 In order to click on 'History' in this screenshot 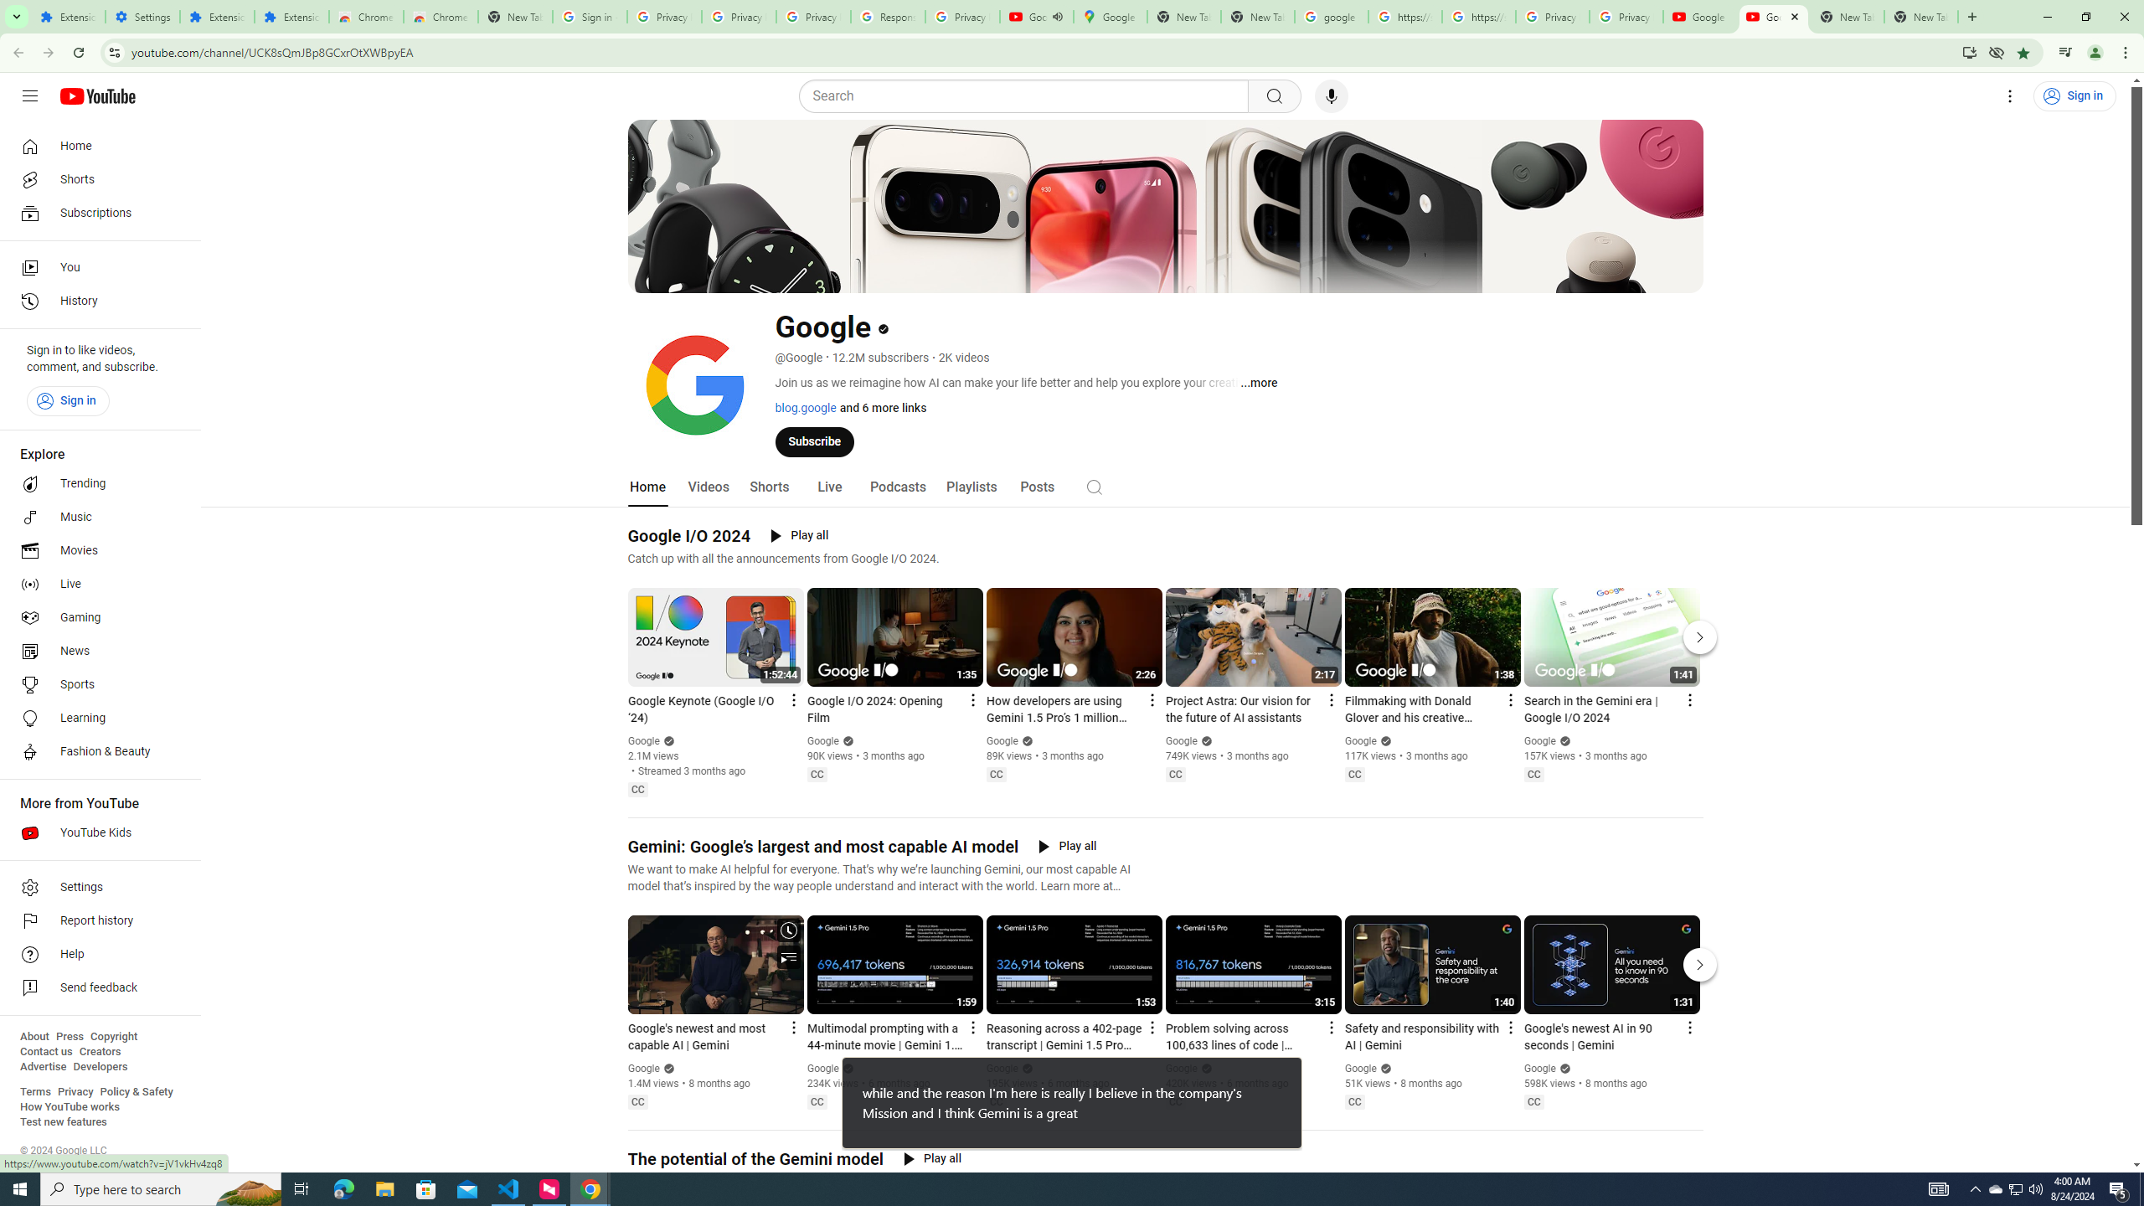, I will do `click(95, 301)`.